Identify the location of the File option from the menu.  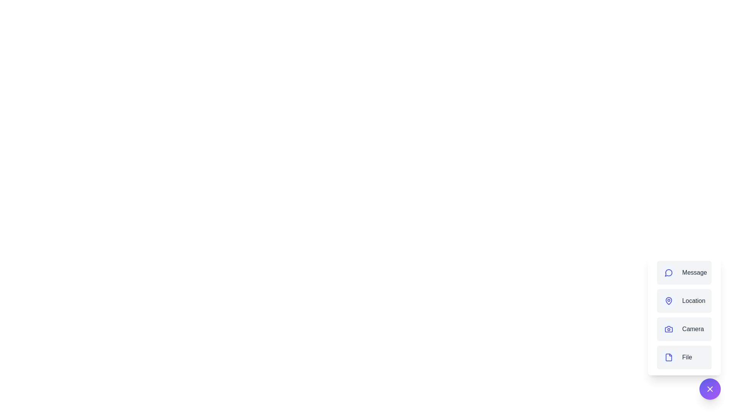
(684, 357).